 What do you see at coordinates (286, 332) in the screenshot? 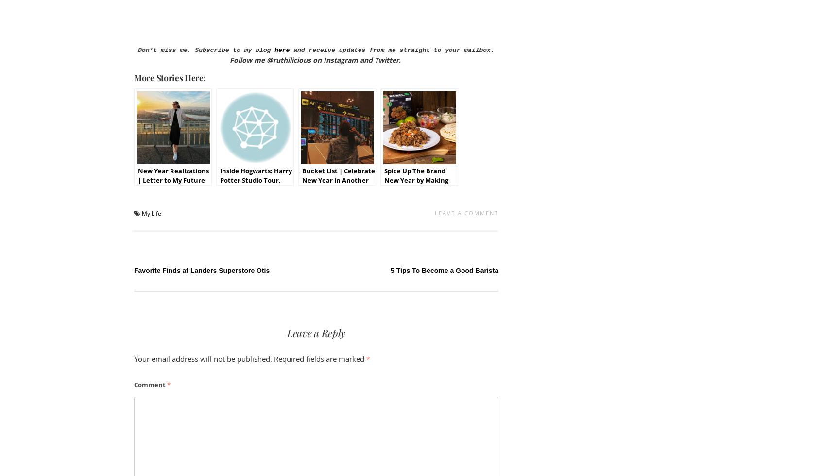
I see `'Leave a Reply'` at bounding box center [286, 332].